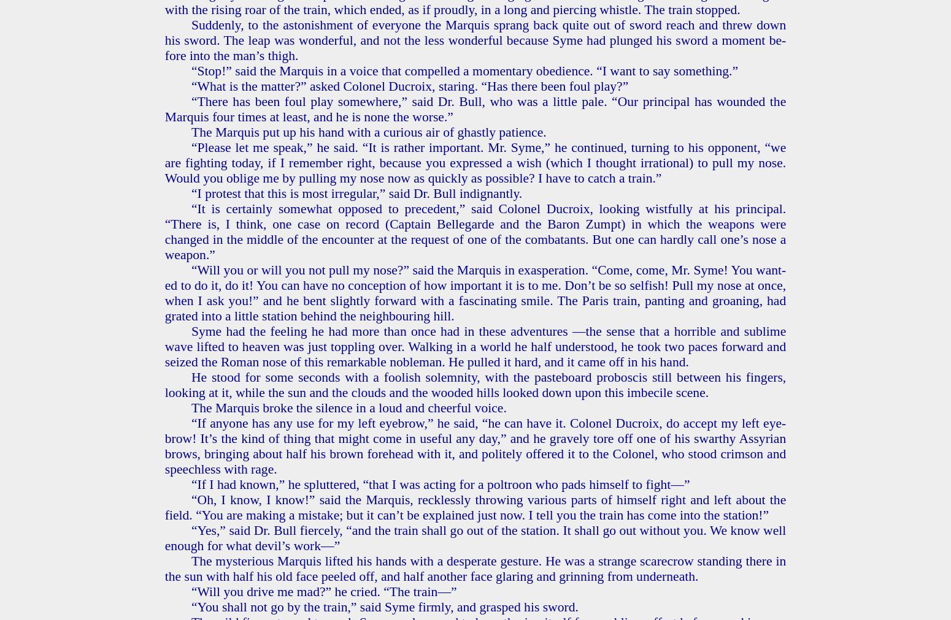 The width and height of the screenshot is (951, 620). Describe the element at coordinates (464, 69) in the screenshot. I see `'“Stop!” said the Mar­quis in a voice that com­pelled a mo­men­tary obe­di­ence. “I want to say some­thing.”'` at that location.